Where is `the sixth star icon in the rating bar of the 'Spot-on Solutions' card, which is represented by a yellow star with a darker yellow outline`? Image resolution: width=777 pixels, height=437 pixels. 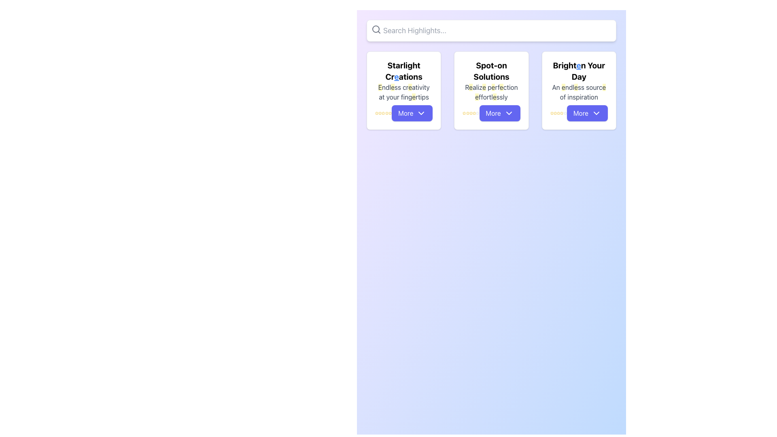
the sixth star icon in the rating bar of the 'Spot-on Solutions' card, which is represented by a yellow star with a darker yellow outline is located at coordinates (474, 113).